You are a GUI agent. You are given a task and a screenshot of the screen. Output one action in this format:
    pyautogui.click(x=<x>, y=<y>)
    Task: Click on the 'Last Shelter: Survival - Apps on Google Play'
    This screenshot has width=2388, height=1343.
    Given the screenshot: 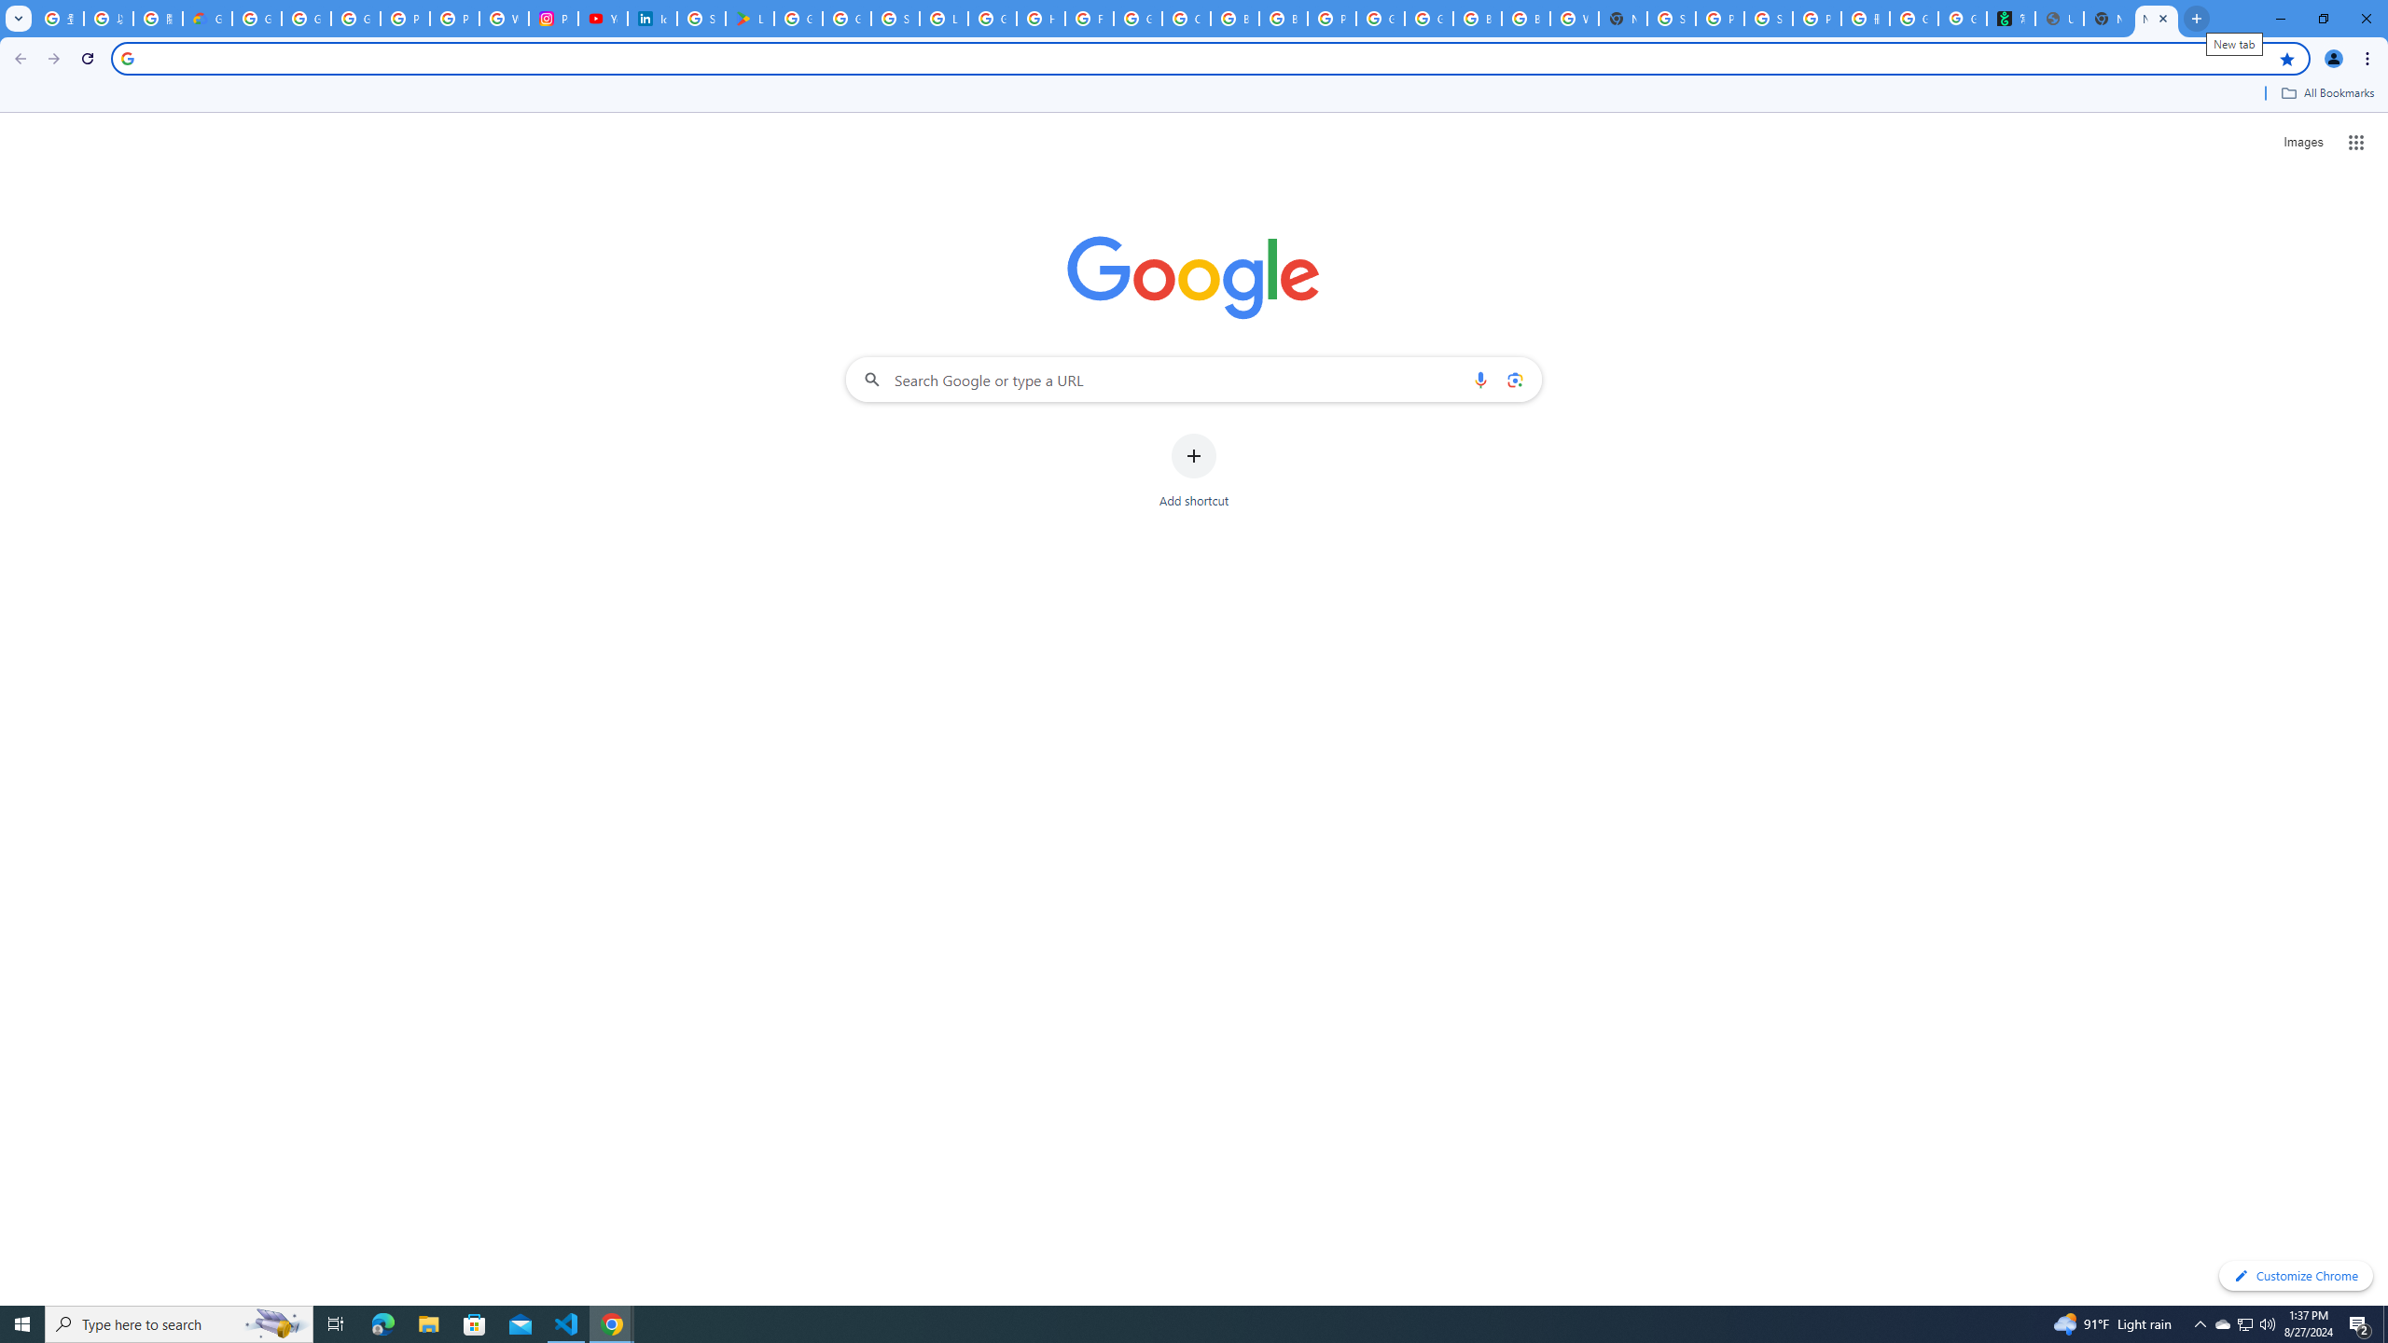 What is the action you would take?
    pyautogui.click(x=749, y=18)
    